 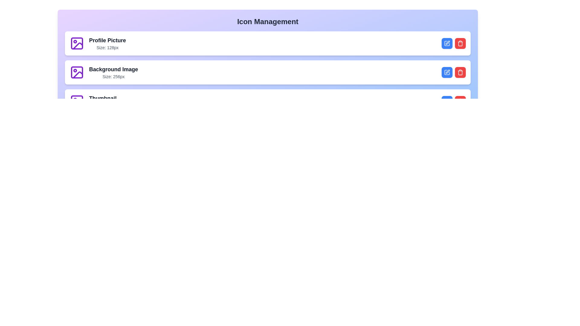 What do you see at coordinates (460, 101) in the screenshot?
I see `the delete Icon button located on the right side of the third input row, below a rounded red button with white text` at bounding box center [460, 101].